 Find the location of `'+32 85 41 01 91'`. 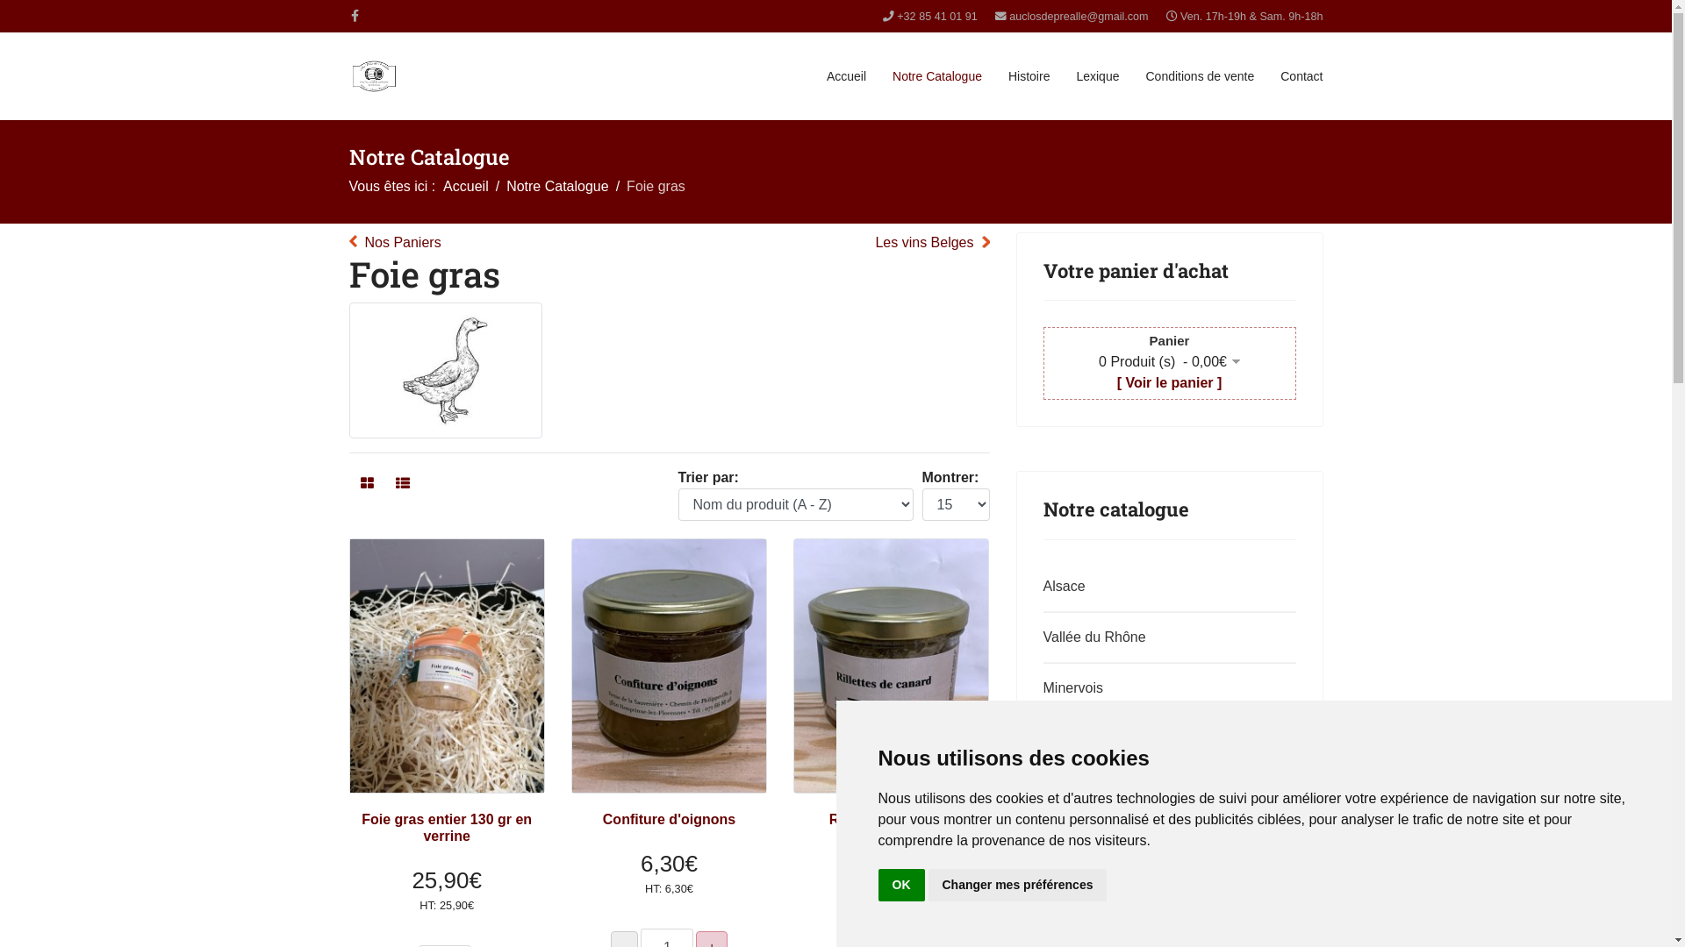

'+32 85 41 01 91' is located at coordinates (936, 17).